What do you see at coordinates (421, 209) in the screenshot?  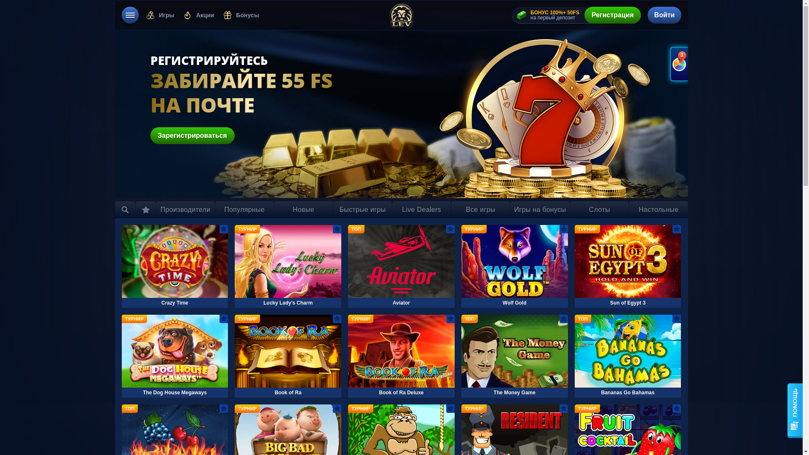 I see `'Live Dealers'` at bounding box center [421, 209].